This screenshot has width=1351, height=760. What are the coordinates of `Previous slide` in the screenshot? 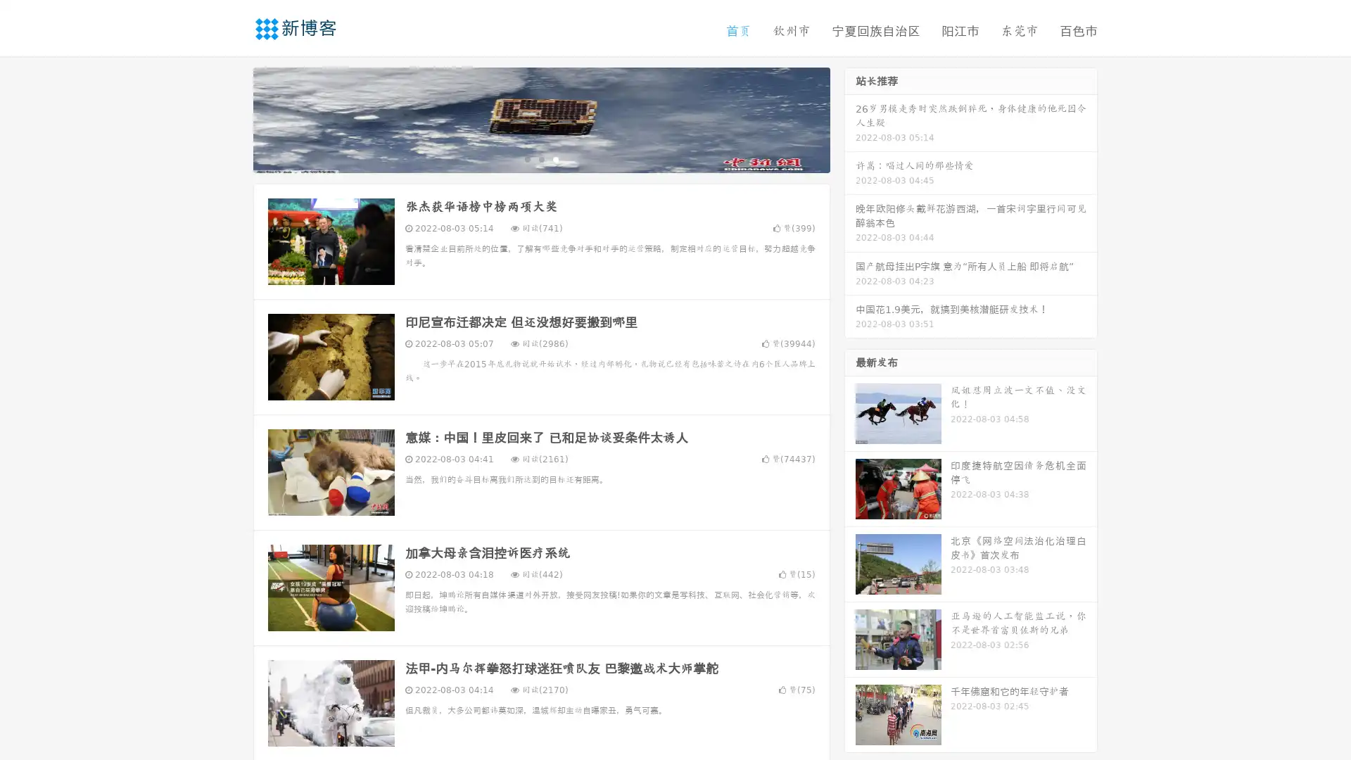 It's located at (232, 118).